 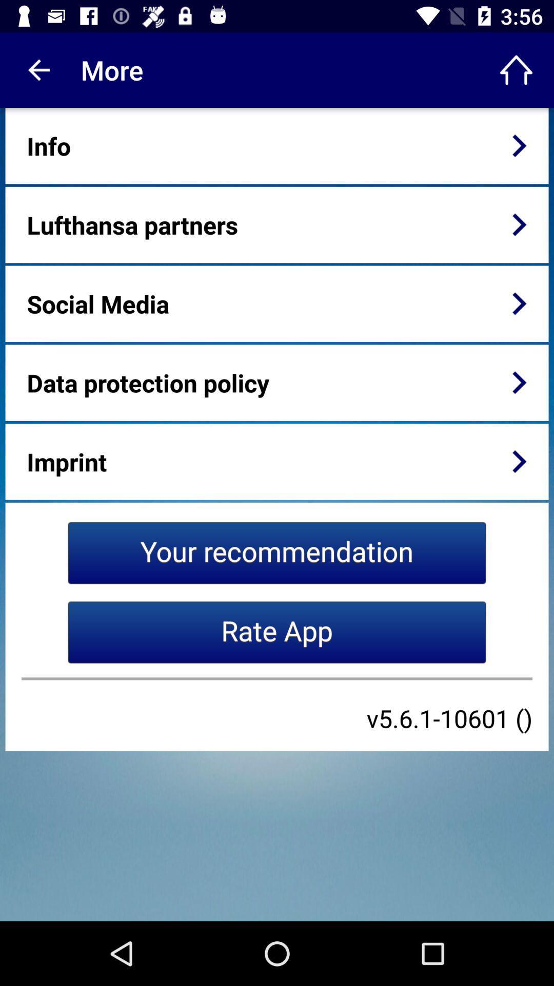 I want to click on the data protection policy icon, so click(x=148, y=382).